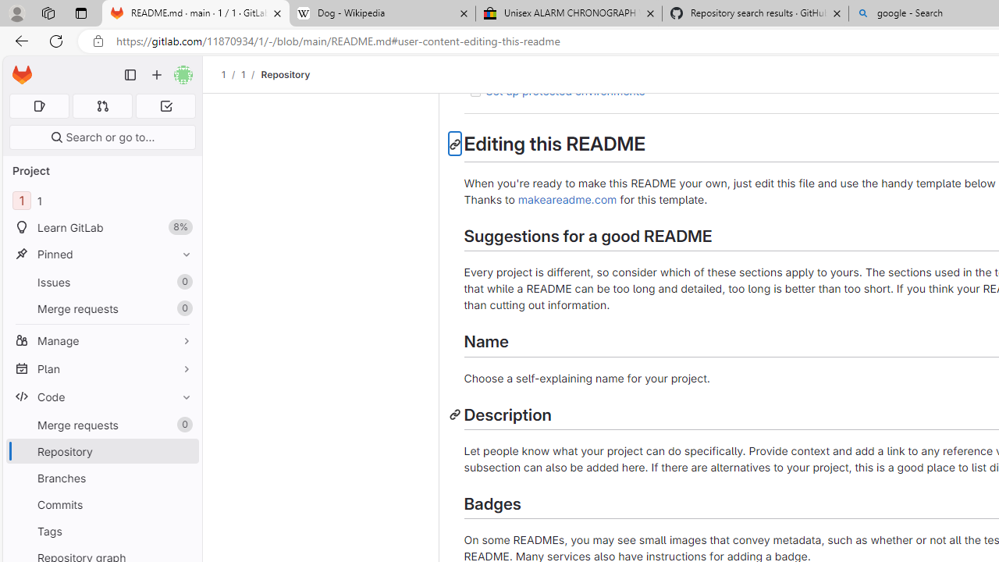 Image resolution: width=999 pixels, height=562 pixels. Describe the element at coordinates (157, 75) in the screenshot. I see `'Create new...'` at that location.